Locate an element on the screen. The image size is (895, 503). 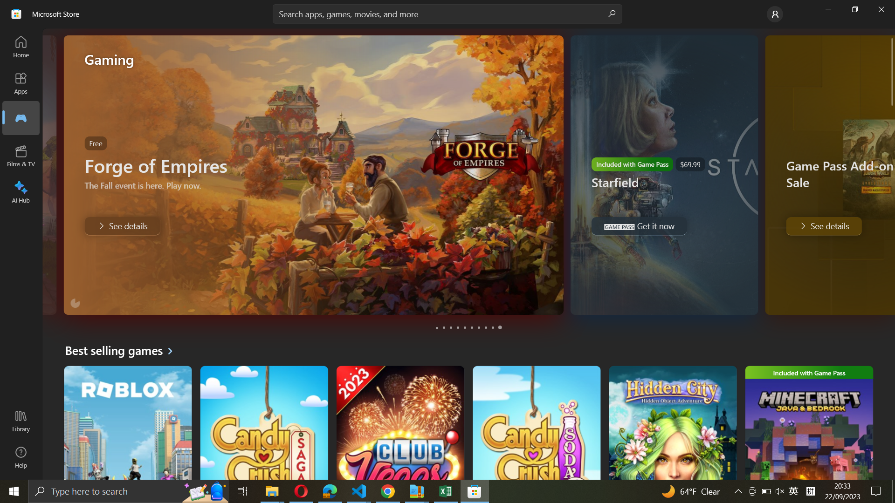
Library is located at coordinates (22, 422).